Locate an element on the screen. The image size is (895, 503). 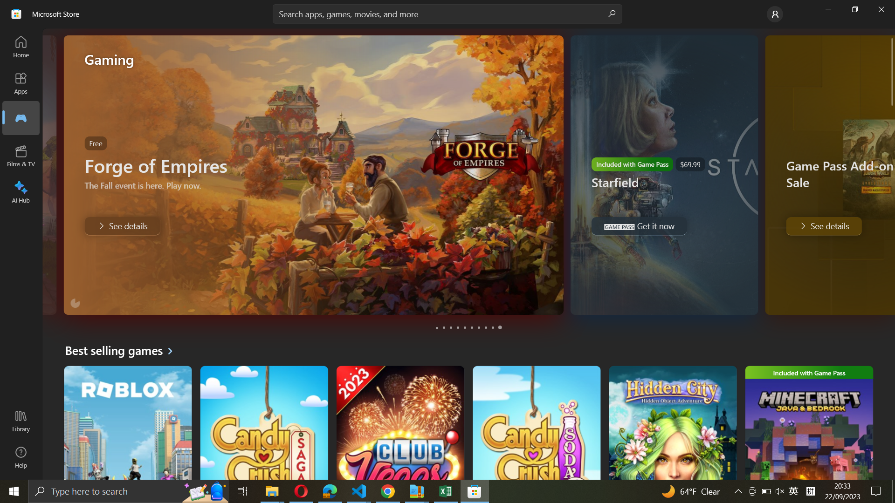
Library is located at coordinates (22, 422).